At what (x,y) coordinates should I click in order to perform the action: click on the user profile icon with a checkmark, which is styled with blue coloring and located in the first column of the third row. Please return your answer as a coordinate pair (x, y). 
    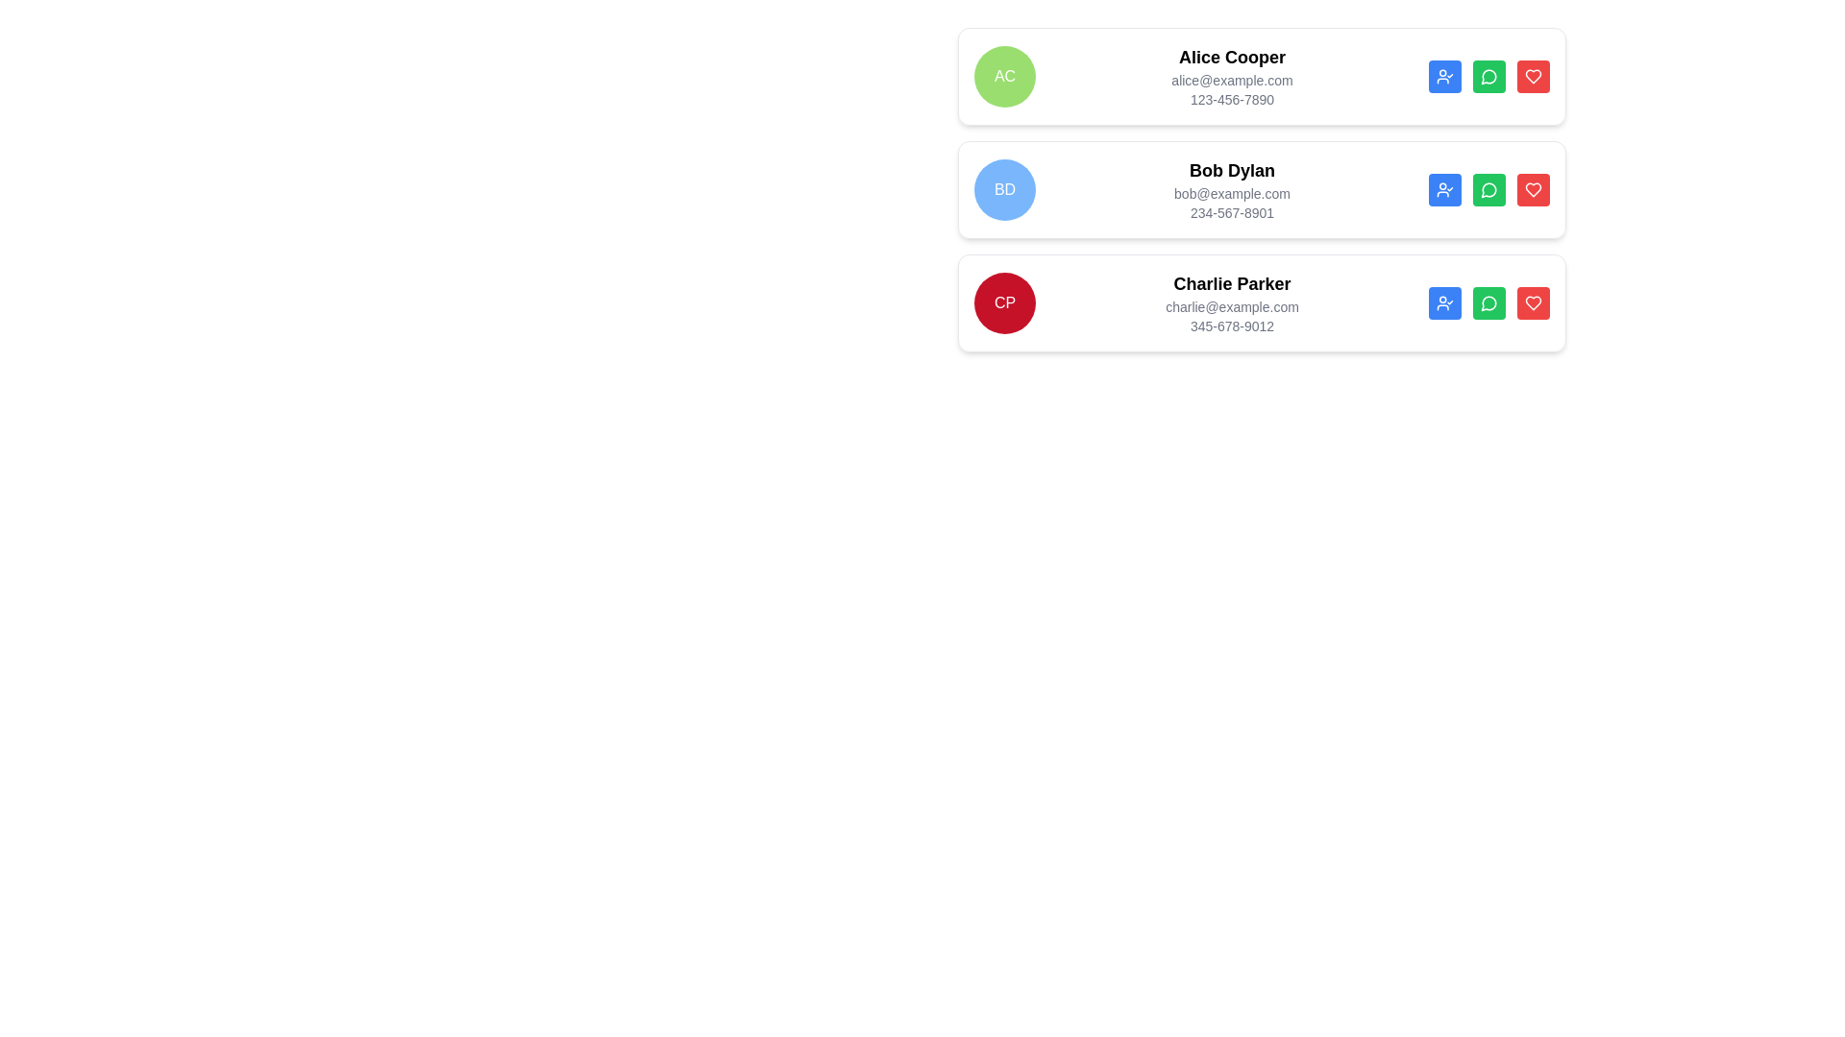
    Looking at the image, I should click on (1444, 302).